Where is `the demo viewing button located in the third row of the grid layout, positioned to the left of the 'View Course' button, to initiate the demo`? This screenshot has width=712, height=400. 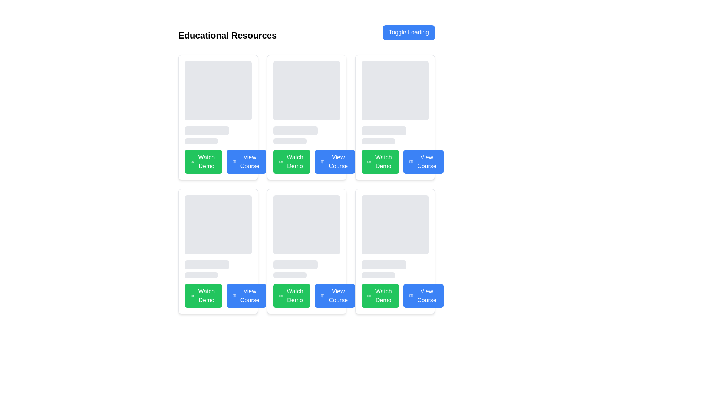 the demo viewing button located in the third row of the grid layout, positioned to the left of the 'View Course' button, to initiate the demo is located at coordinates (291, 295).